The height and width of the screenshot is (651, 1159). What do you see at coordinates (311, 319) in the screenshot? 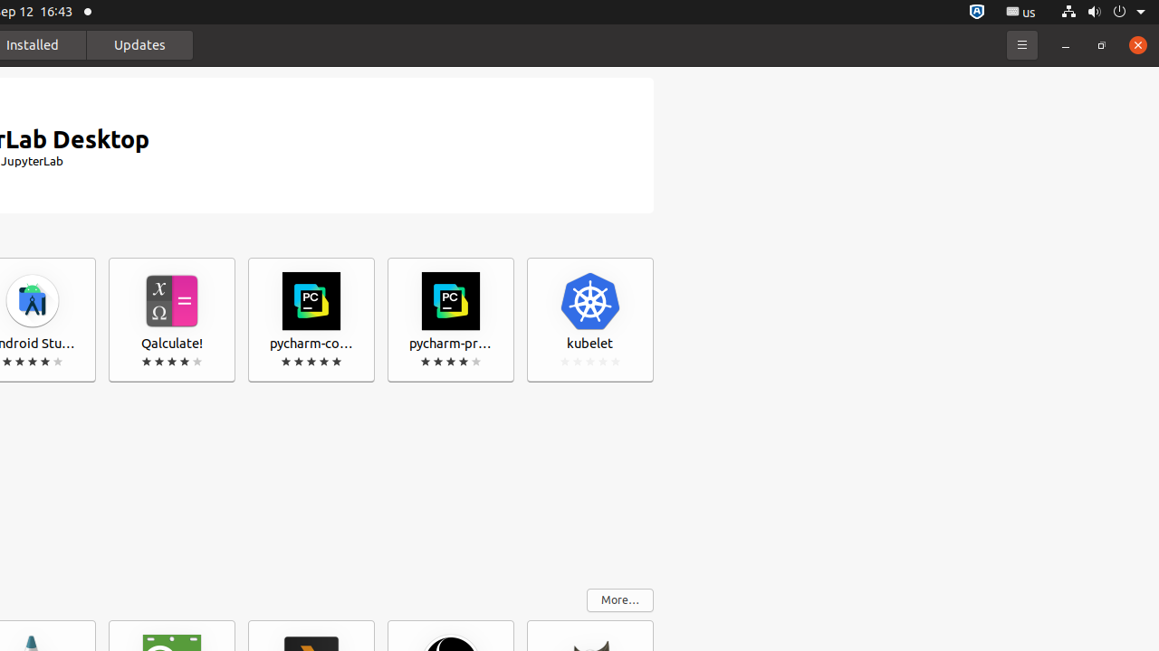
I see `'pycharm-community'` at bounding box center [311, 319].